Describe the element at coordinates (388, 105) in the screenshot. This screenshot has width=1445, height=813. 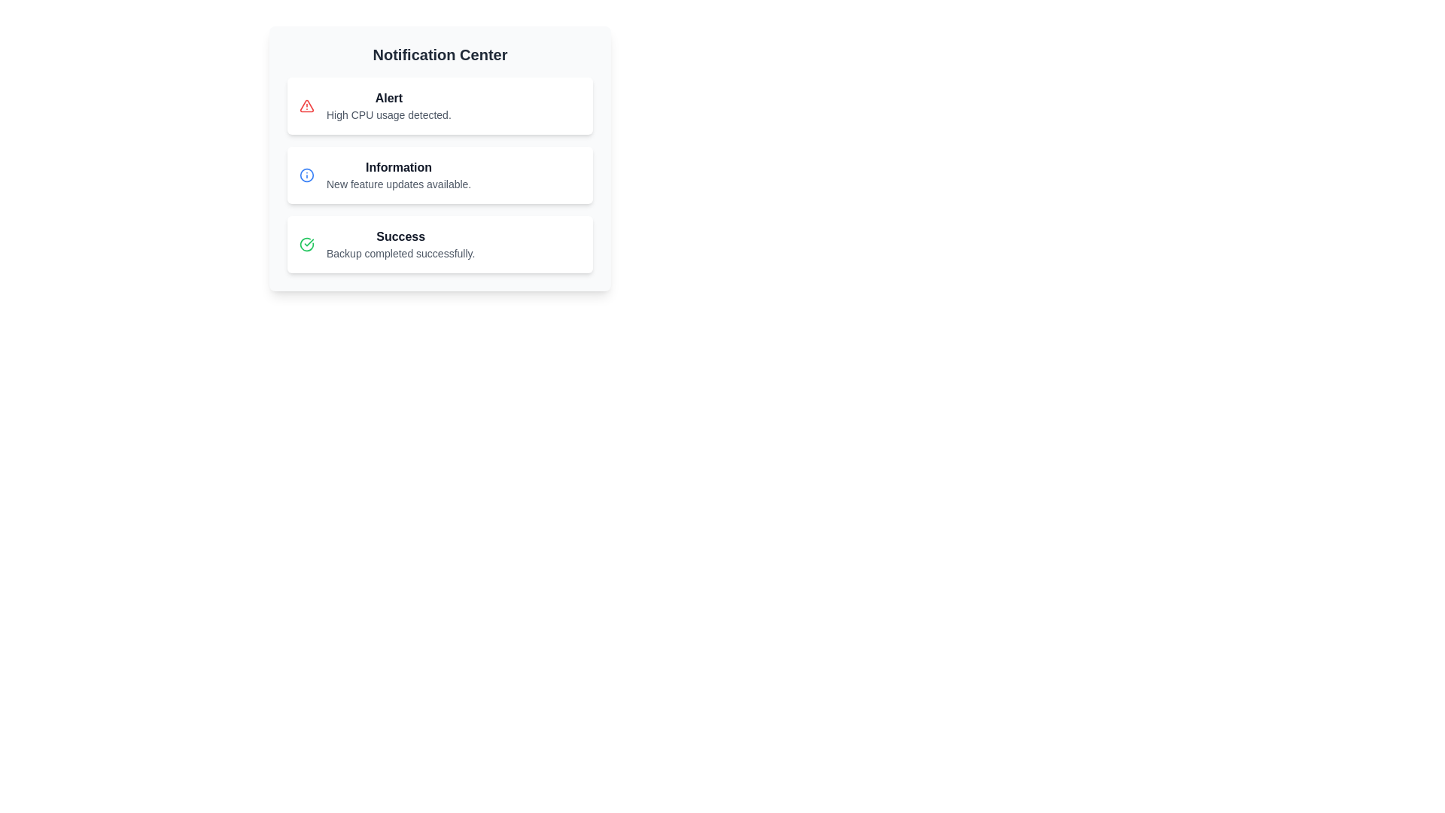
I see `the text display that shows an alert message about 'High CPU usage detected.' located in the Notification Center interface` at that location.